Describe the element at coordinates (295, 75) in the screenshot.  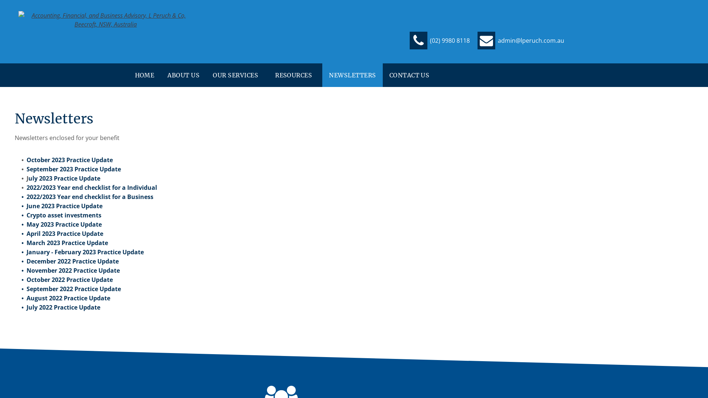
I see `'RESOURCES'` at that location.